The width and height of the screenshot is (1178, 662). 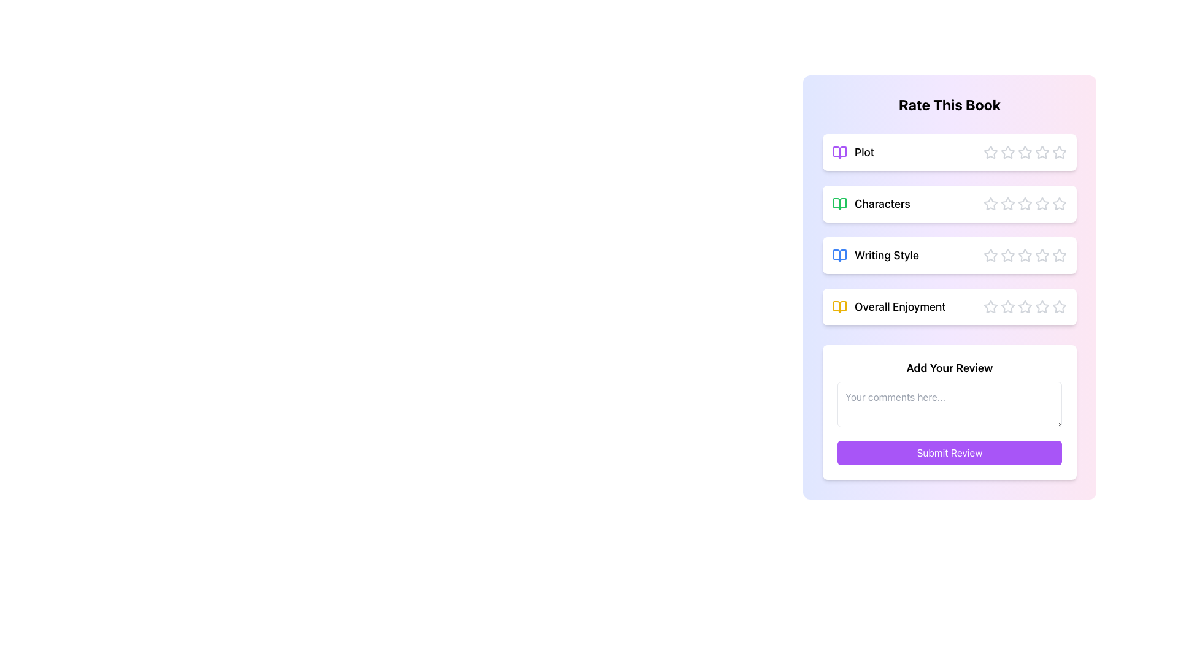 What do you see at coordinates (1025, 254) in the screenshot?
I see `the fourth hollow gray star icon in the 'Writing Style' rating section to rate it` at bounding box center [1025, 254].